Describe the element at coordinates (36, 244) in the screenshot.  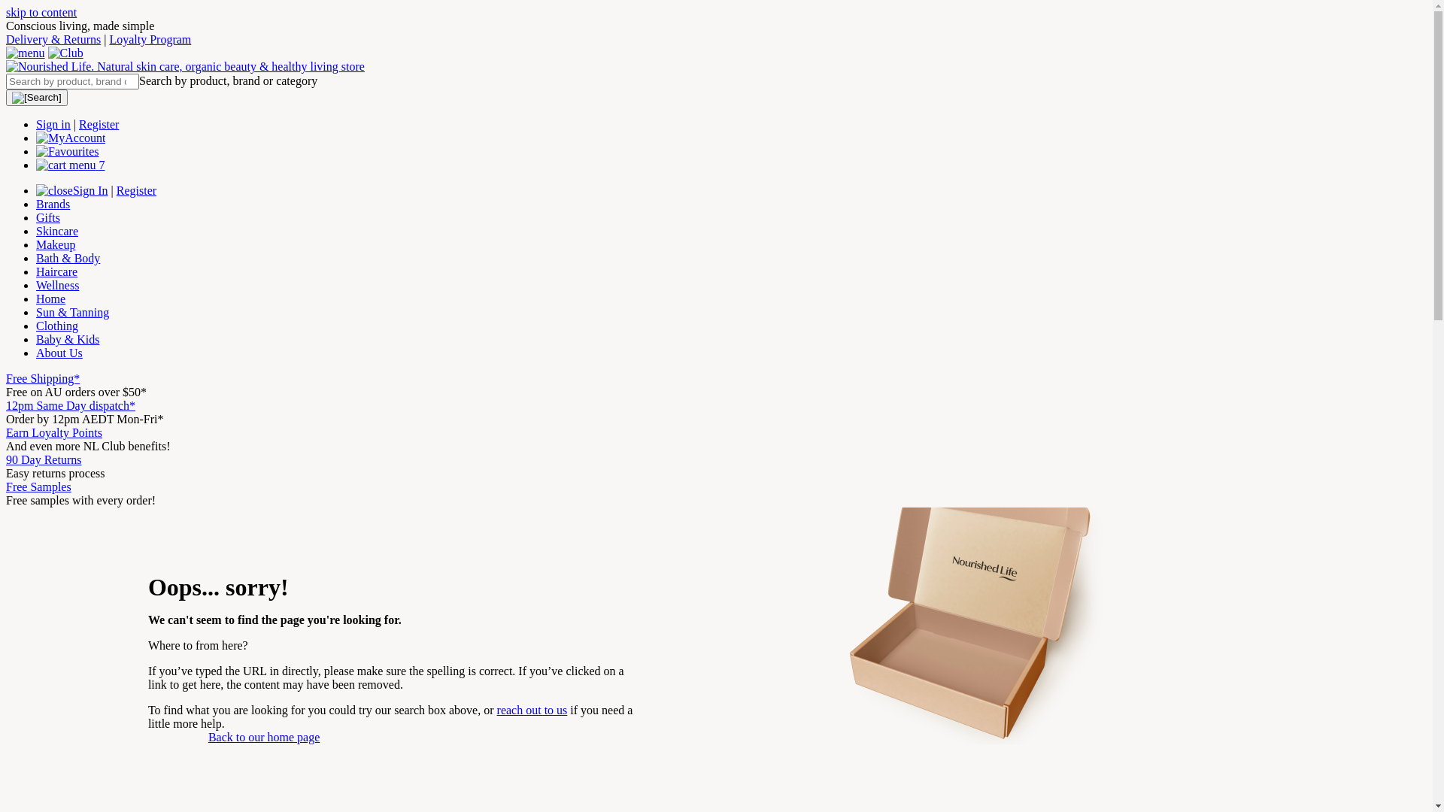
I see `'Makeup'` at that location.